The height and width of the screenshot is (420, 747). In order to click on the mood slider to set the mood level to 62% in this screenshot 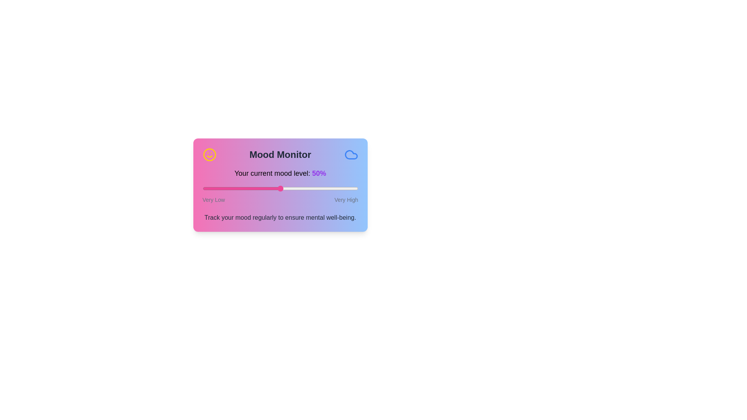, I will do `click(298, 189)`.